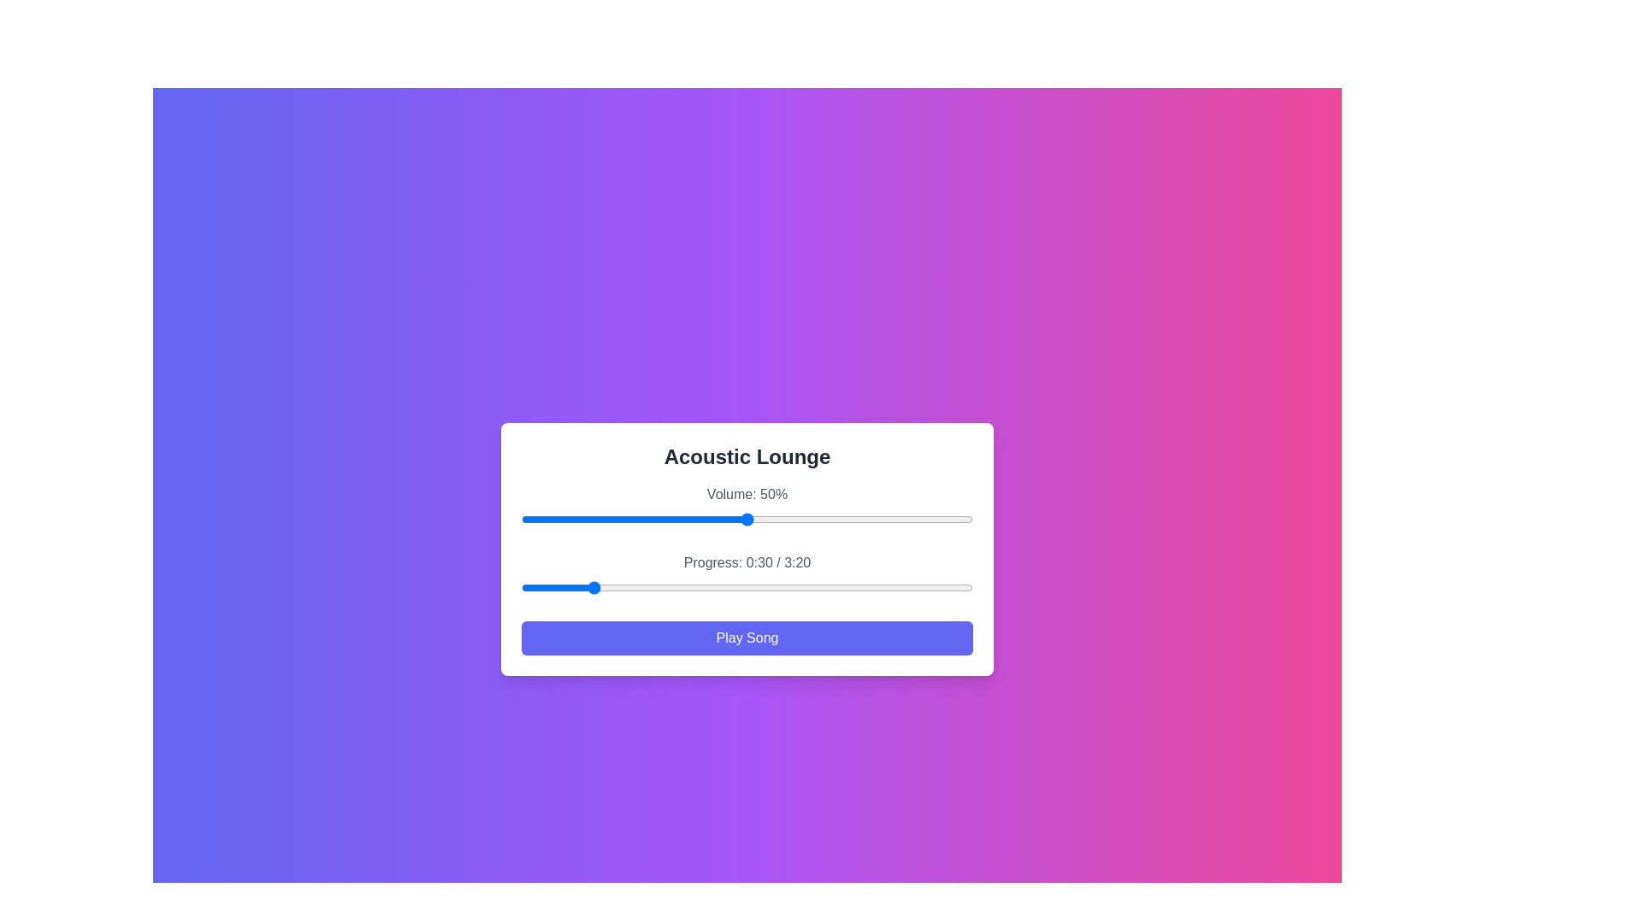 The image size is (1642, 923). Describe the element at coordinates (716, 519) in the screenshot. I see `the volume to 43% by interacting with the slider` at that location.